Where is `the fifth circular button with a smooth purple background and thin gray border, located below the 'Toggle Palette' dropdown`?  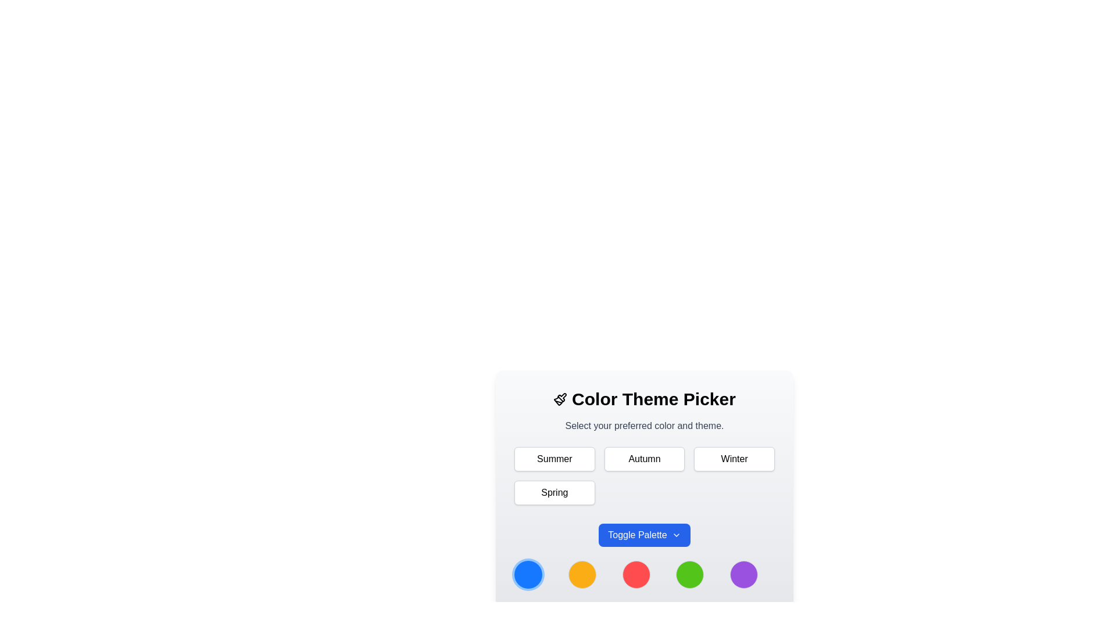
the fifth circular button with a smooth purple background and thin gray border, located below the 'Toggle Palette' dropdown is located at coordinates (744, 575).